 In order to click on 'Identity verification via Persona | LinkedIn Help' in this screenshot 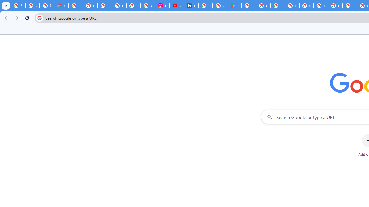, I will do `click(191, 6)`.